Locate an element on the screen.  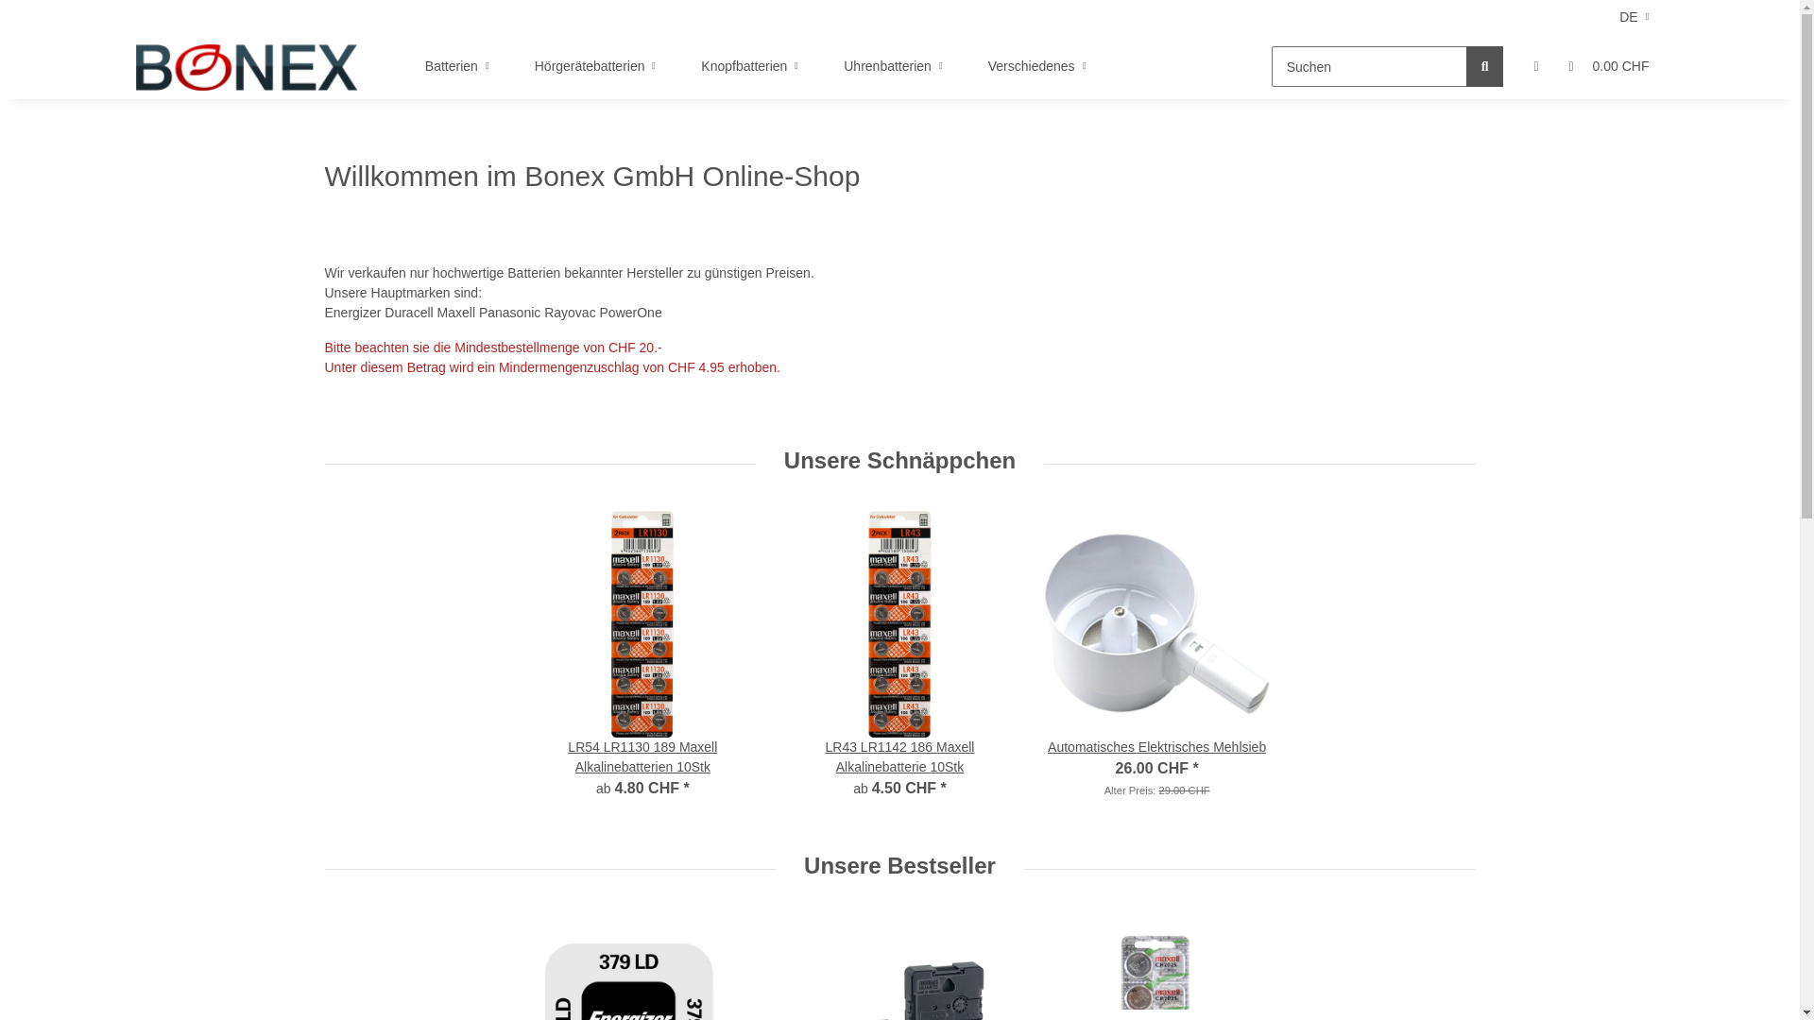
'Automatisches Elektrisches Mehlsieb' is located at coordinates (1155, 746).